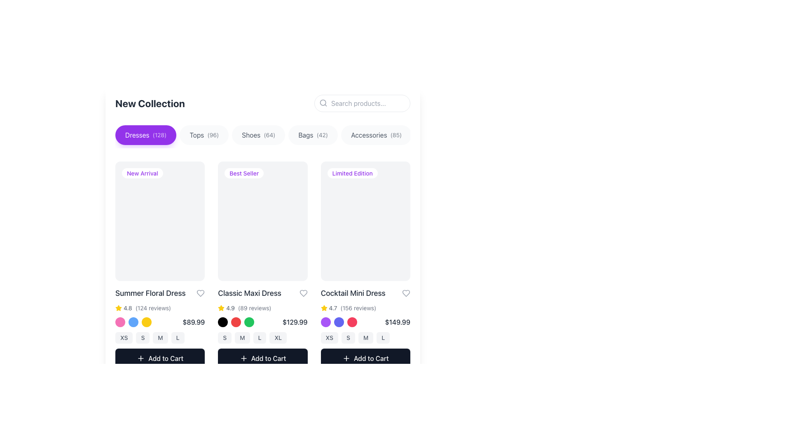 The width and height of the screenshot is (791, 445). I want to click on the SVG circle element that visually represents the circular portion of the magnifying glass icon in the search bar area, so click(323, 102).